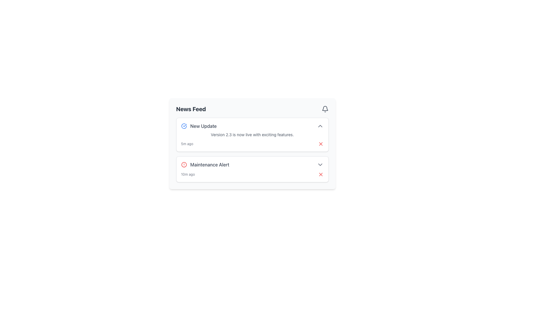 The height and width of the screenshot is (311, 554). What do you see at coordinates (320, 144) in the screenshot?
I see `the red 'X' button, which is styled as a small circular icon located at the right end of the horizontal bar displaying '5m ago'` at bounding box center [320, 144].